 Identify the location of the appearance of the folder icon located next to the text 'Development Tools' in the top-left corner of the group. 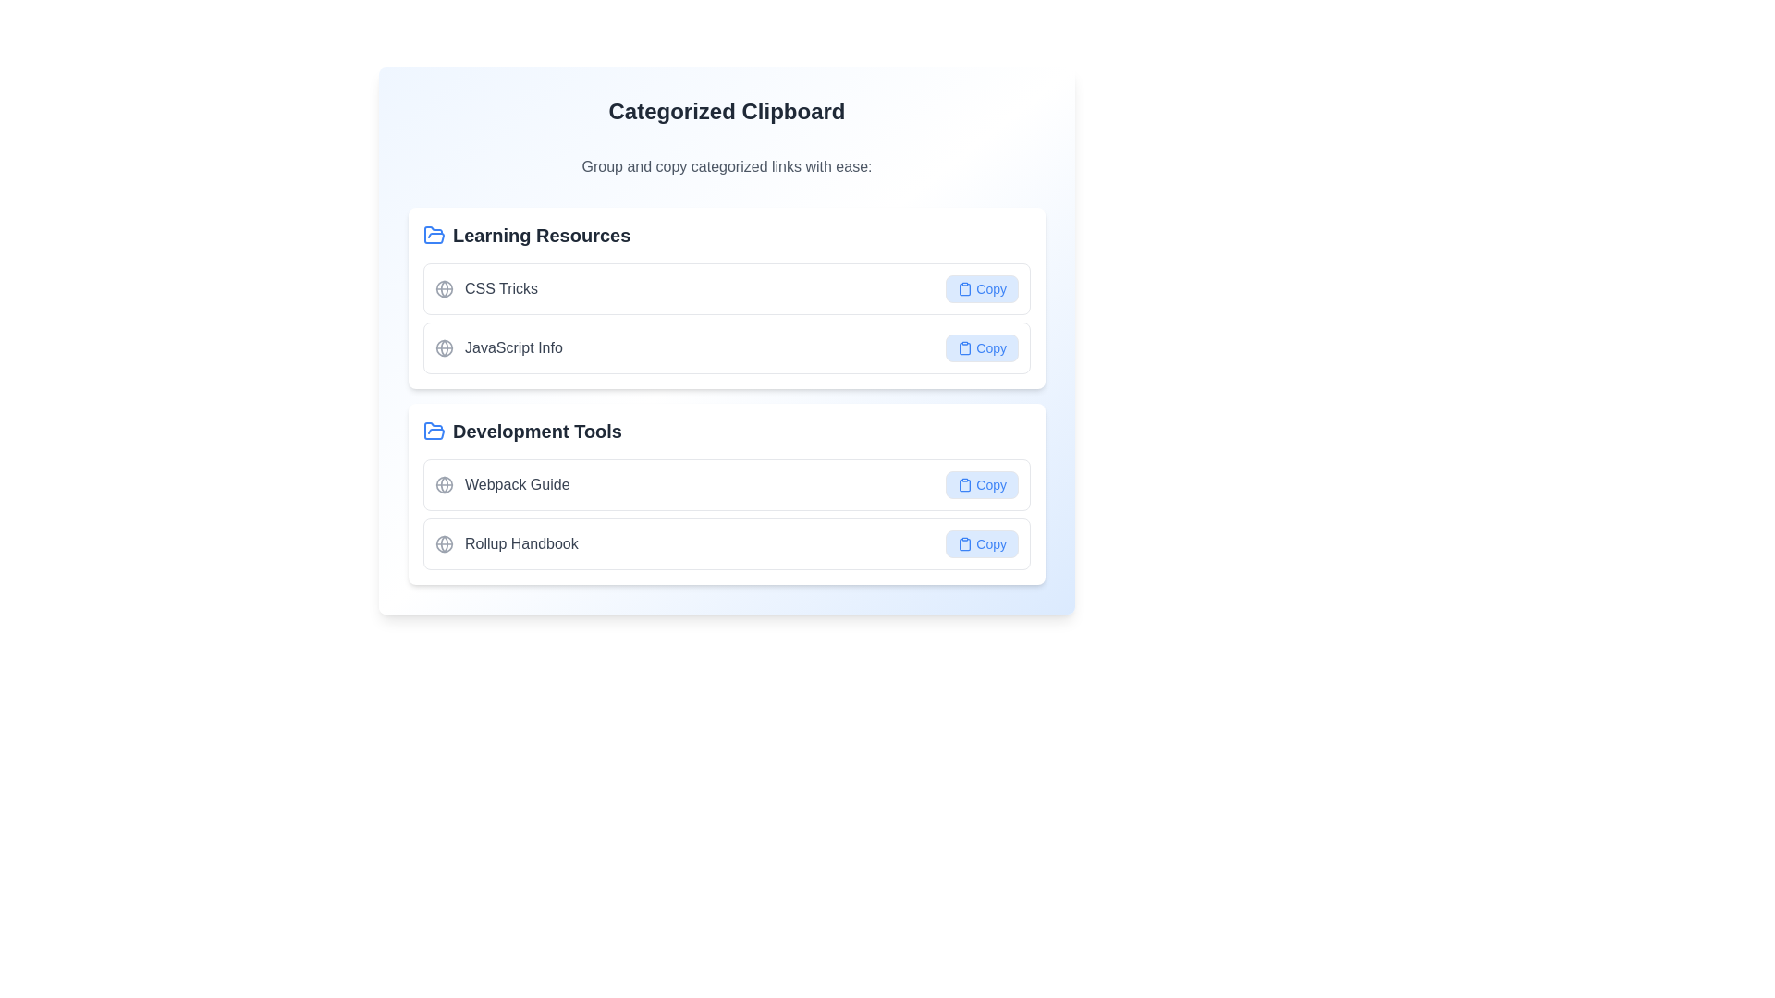
(434, 431).